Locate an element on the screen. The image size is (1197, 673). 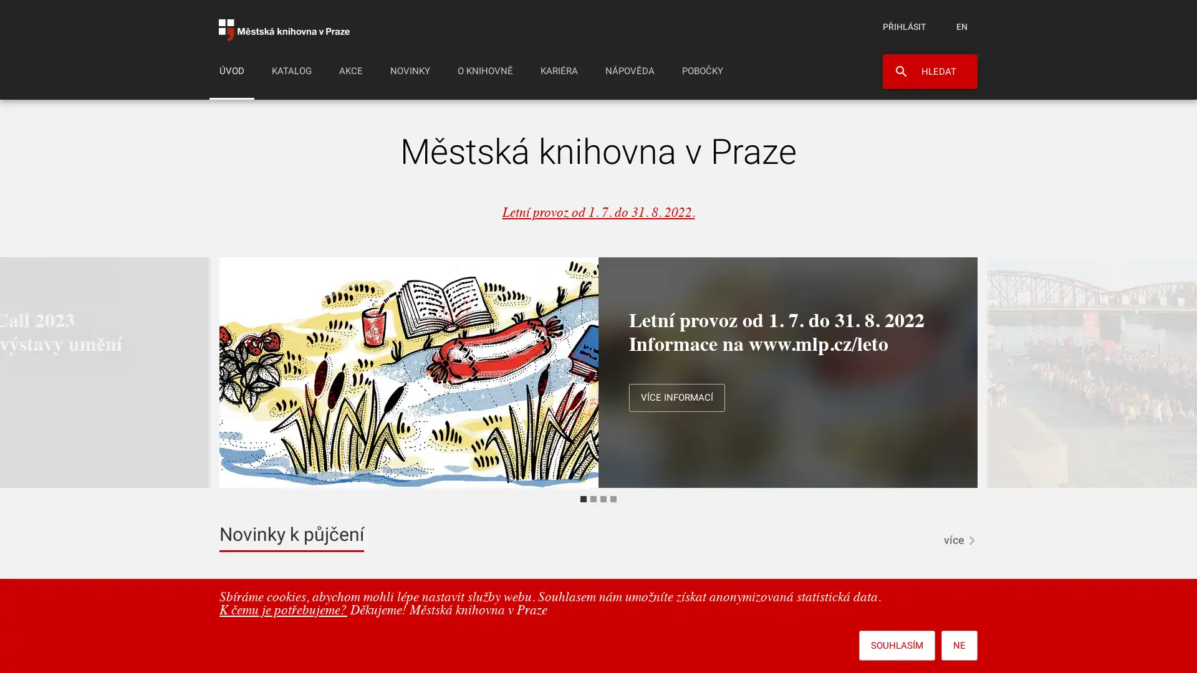
SOUHLASIM is located at coordinates (896, 645).